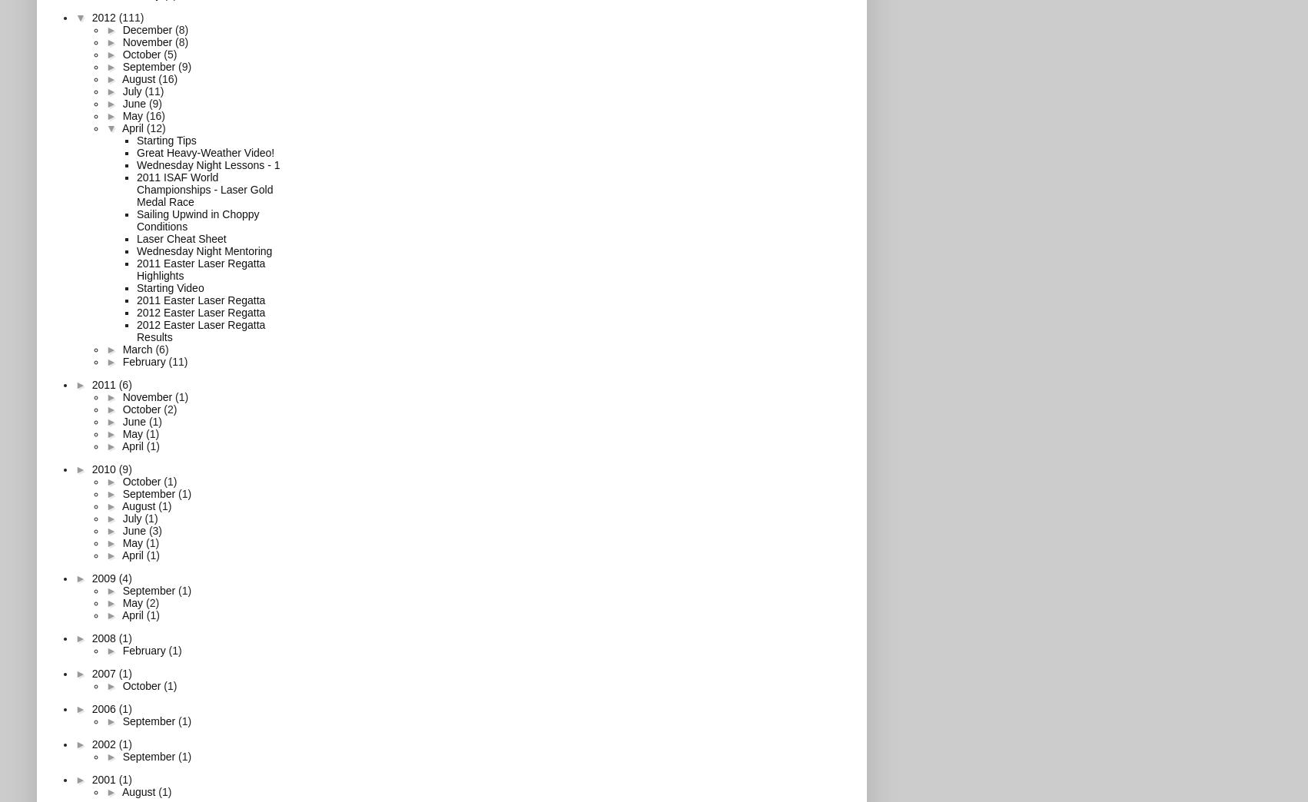 This screenshot has width=1308, height=802. I want to click on '2002', so click(105, 742).